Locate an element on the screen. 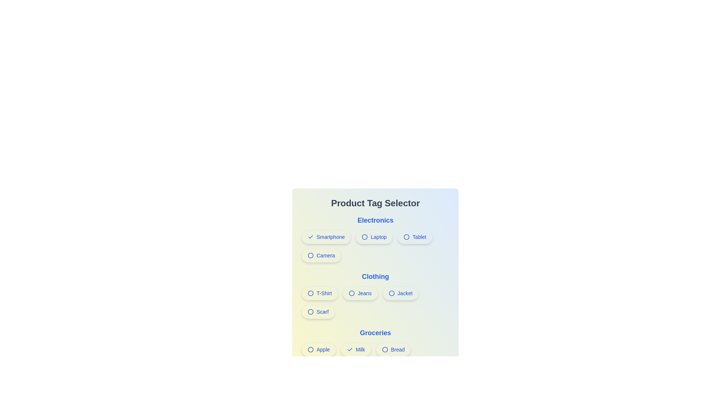 This screenshot has width=711, height=400. the radio button circle for the 'T-Shirt' option in the 'Clothing' category is located at coordinates (311, 293).